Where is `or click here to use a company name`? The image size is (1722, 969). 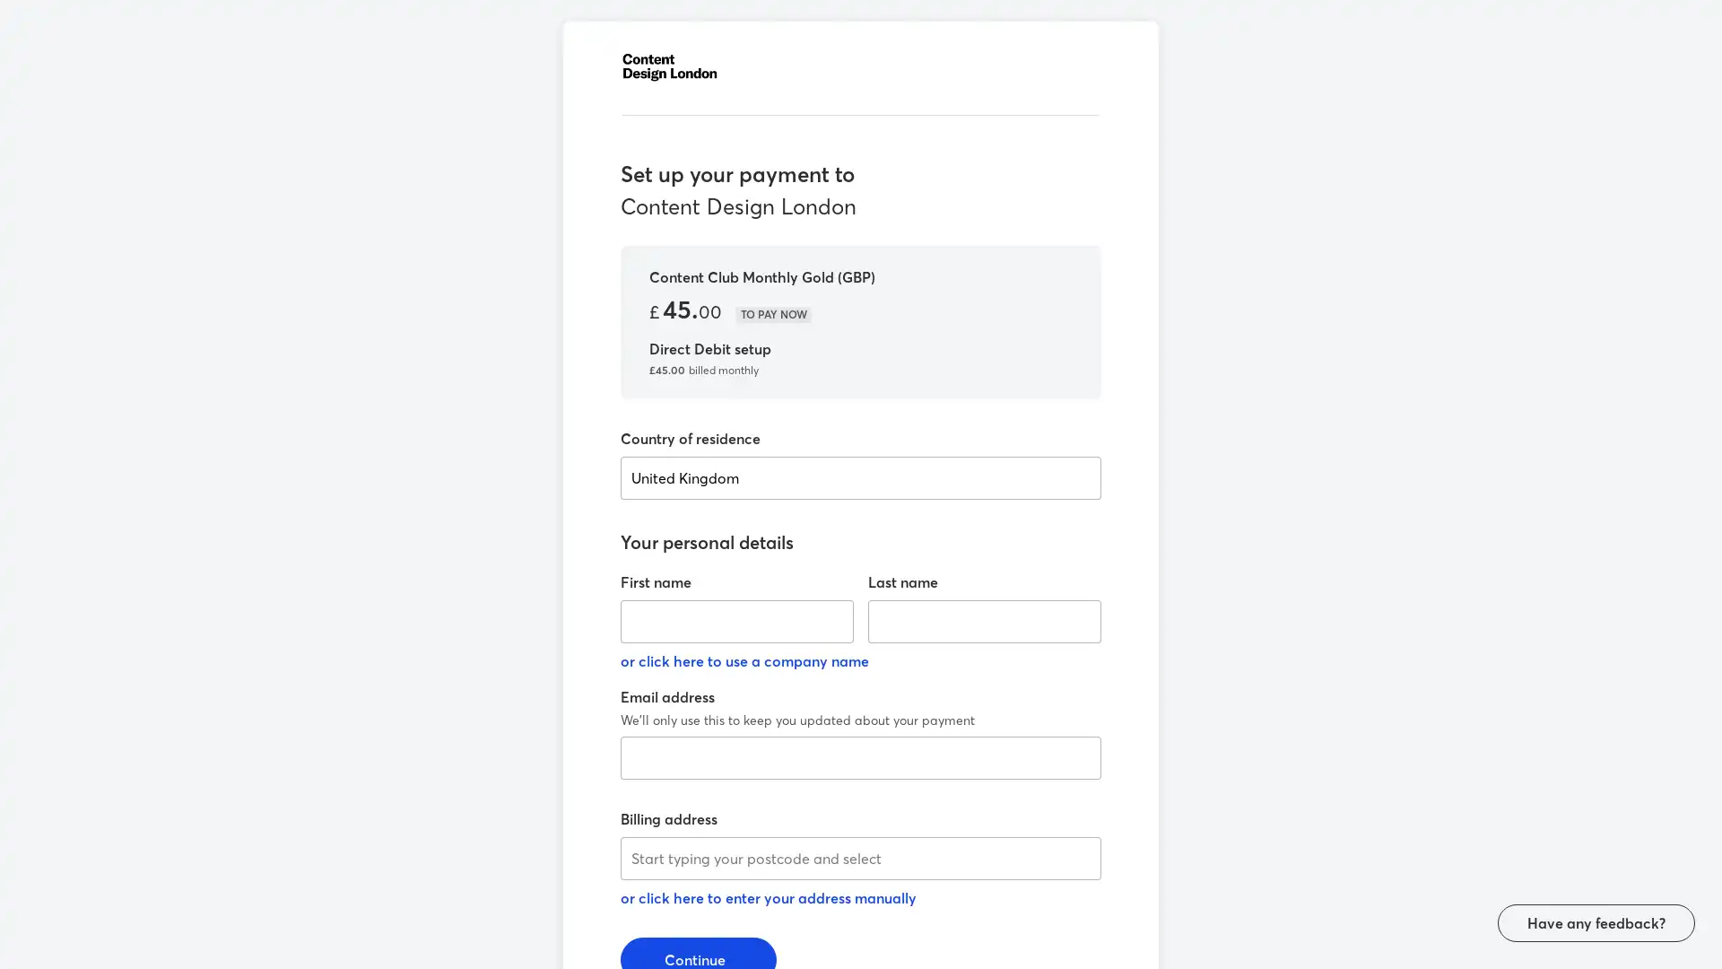
or click here to use a company name is located at coordinates (744, 660).